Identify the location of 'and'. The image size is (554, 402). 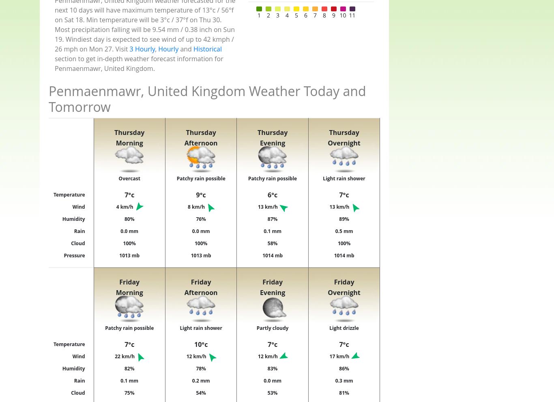
(186, 49).